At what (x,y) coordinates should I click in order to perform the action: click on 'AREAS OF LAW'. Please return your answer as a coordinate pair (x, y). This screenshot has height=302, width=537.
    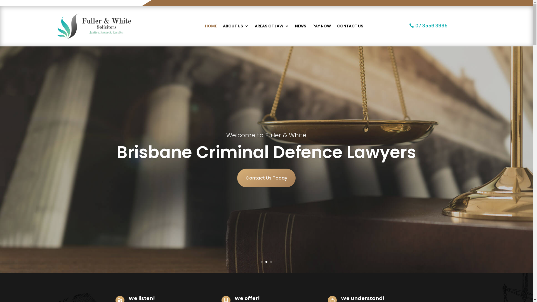
    Looking at the image, I should click on (271, 26).